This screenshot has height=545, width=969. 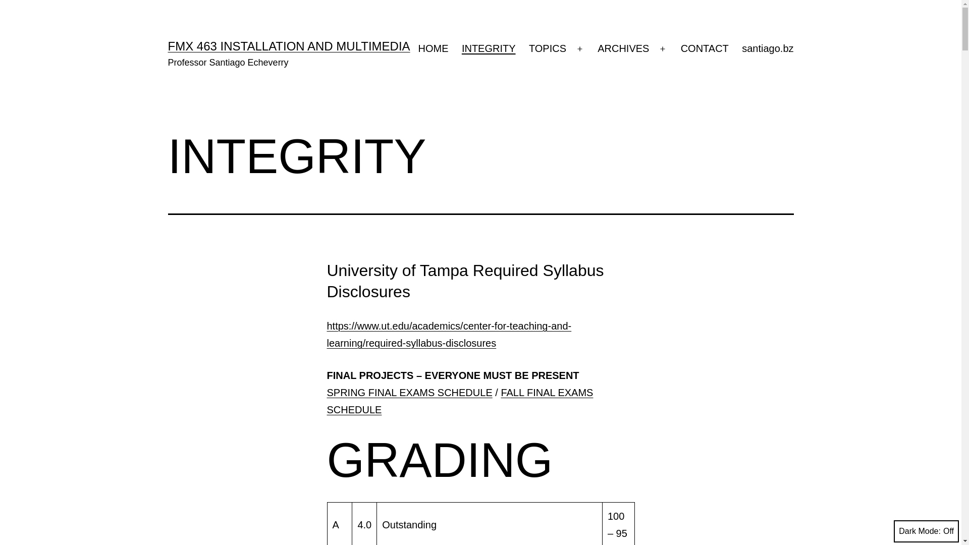 What do you see at coordinates (288, 46) in the screenshot?
I see `'FMX 463 INSTALLATION AND MULTIMEDIA'` at bounding box center [288, 46].